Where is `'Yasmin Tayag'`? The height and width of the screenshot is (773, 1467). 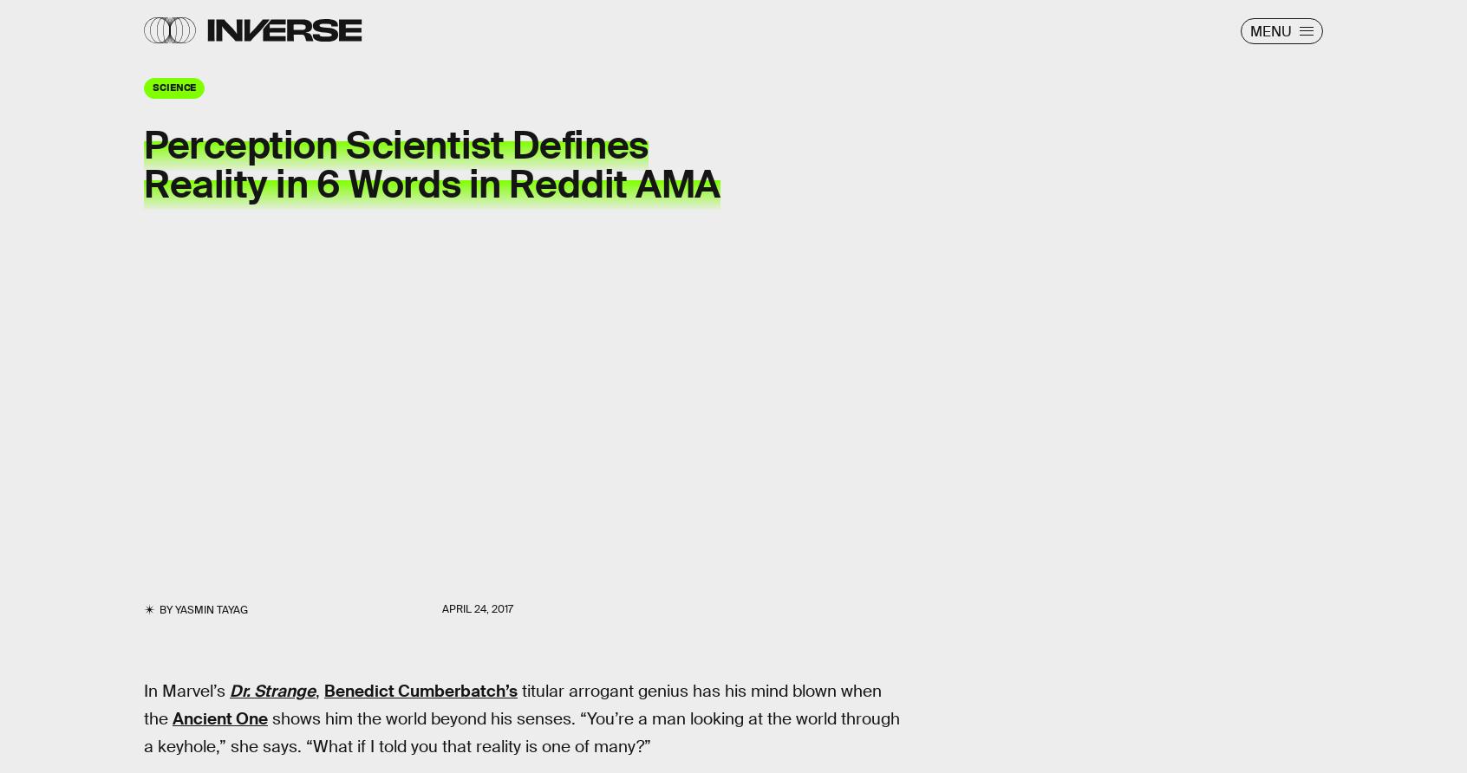
'Yasmin Tayag' is located at coordinates (173, 609).